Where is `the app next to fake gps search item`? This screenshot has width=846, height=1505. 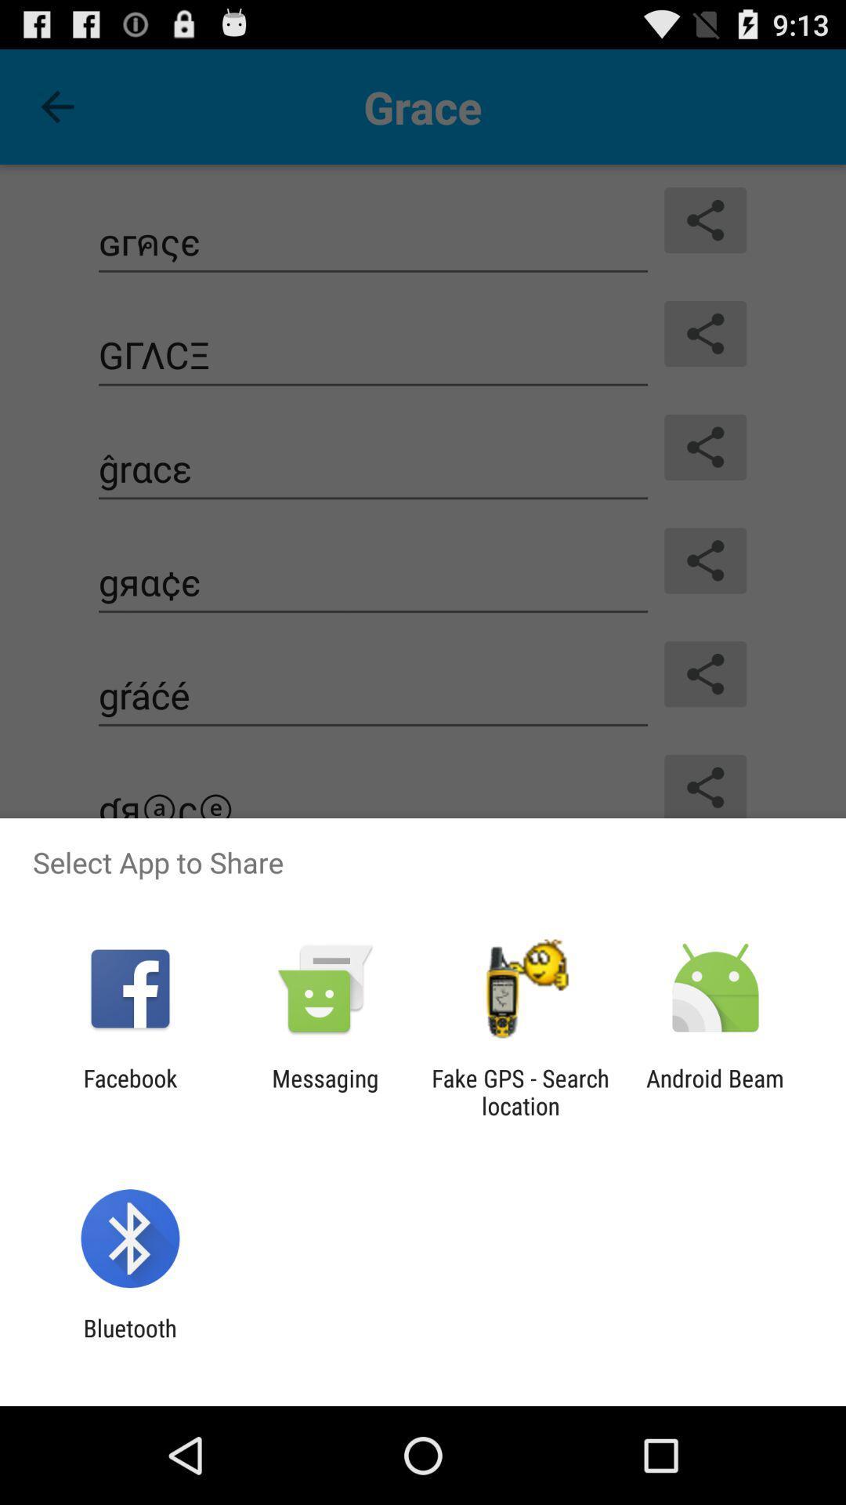
the app next to fake gps search item is located at coordinates (324, 1091).